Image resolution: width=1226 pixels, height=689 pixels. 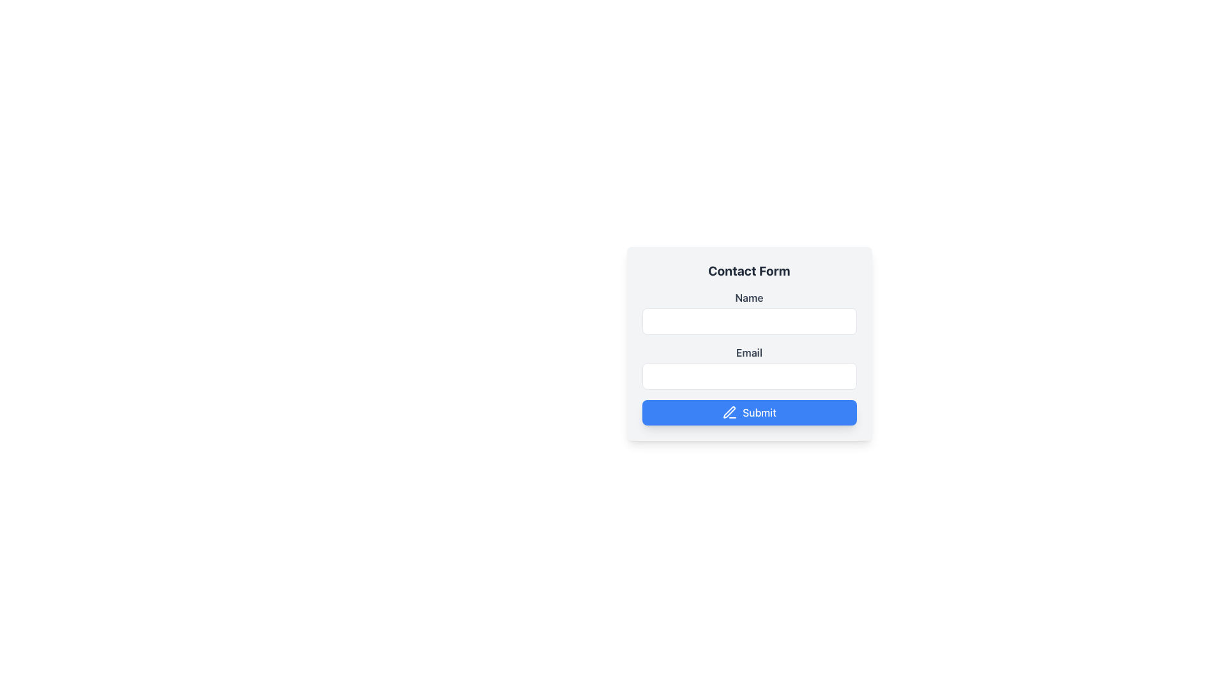 What do you see at coordinates (749, 270) in the screenshot?
I see `the static text label 'Contact Form' which is styled with bold and large font size, located at the top center of the form section` at bounding box center [749, 270].